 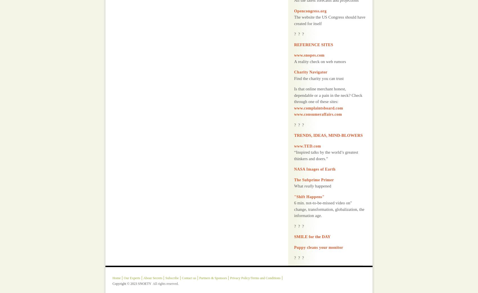 I want to click on 'Privacy Policy/Terms and Conditions', so click(x=255, y=263).